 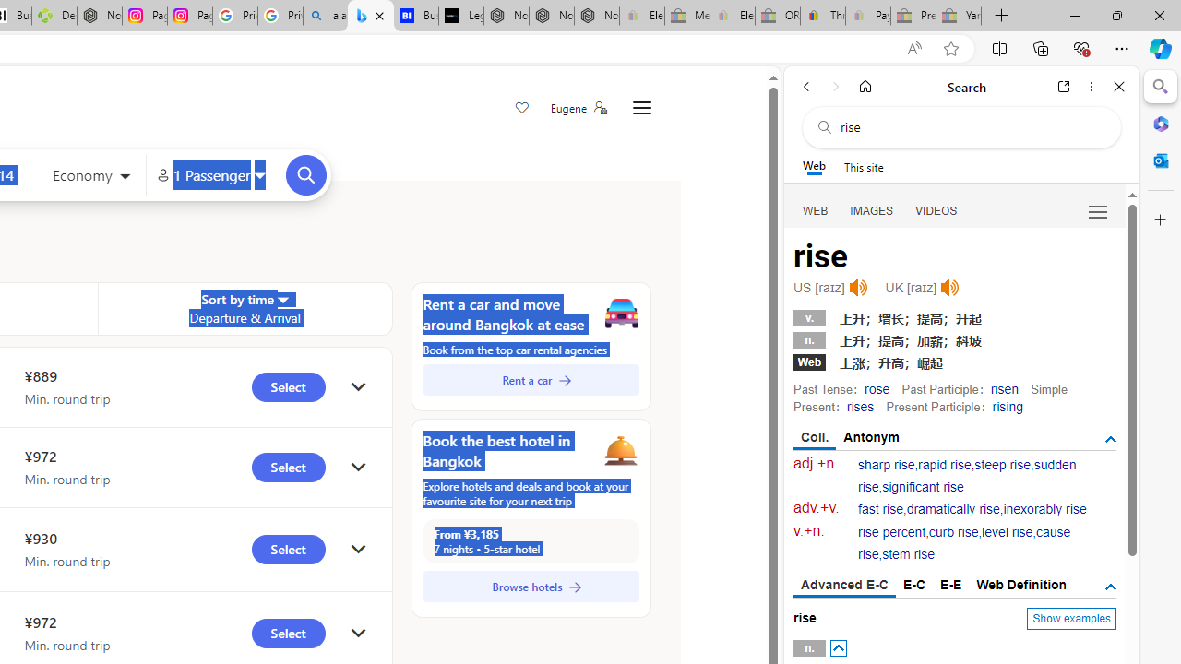 I want to click on 'Rent a car', so click(x=530, y=379).